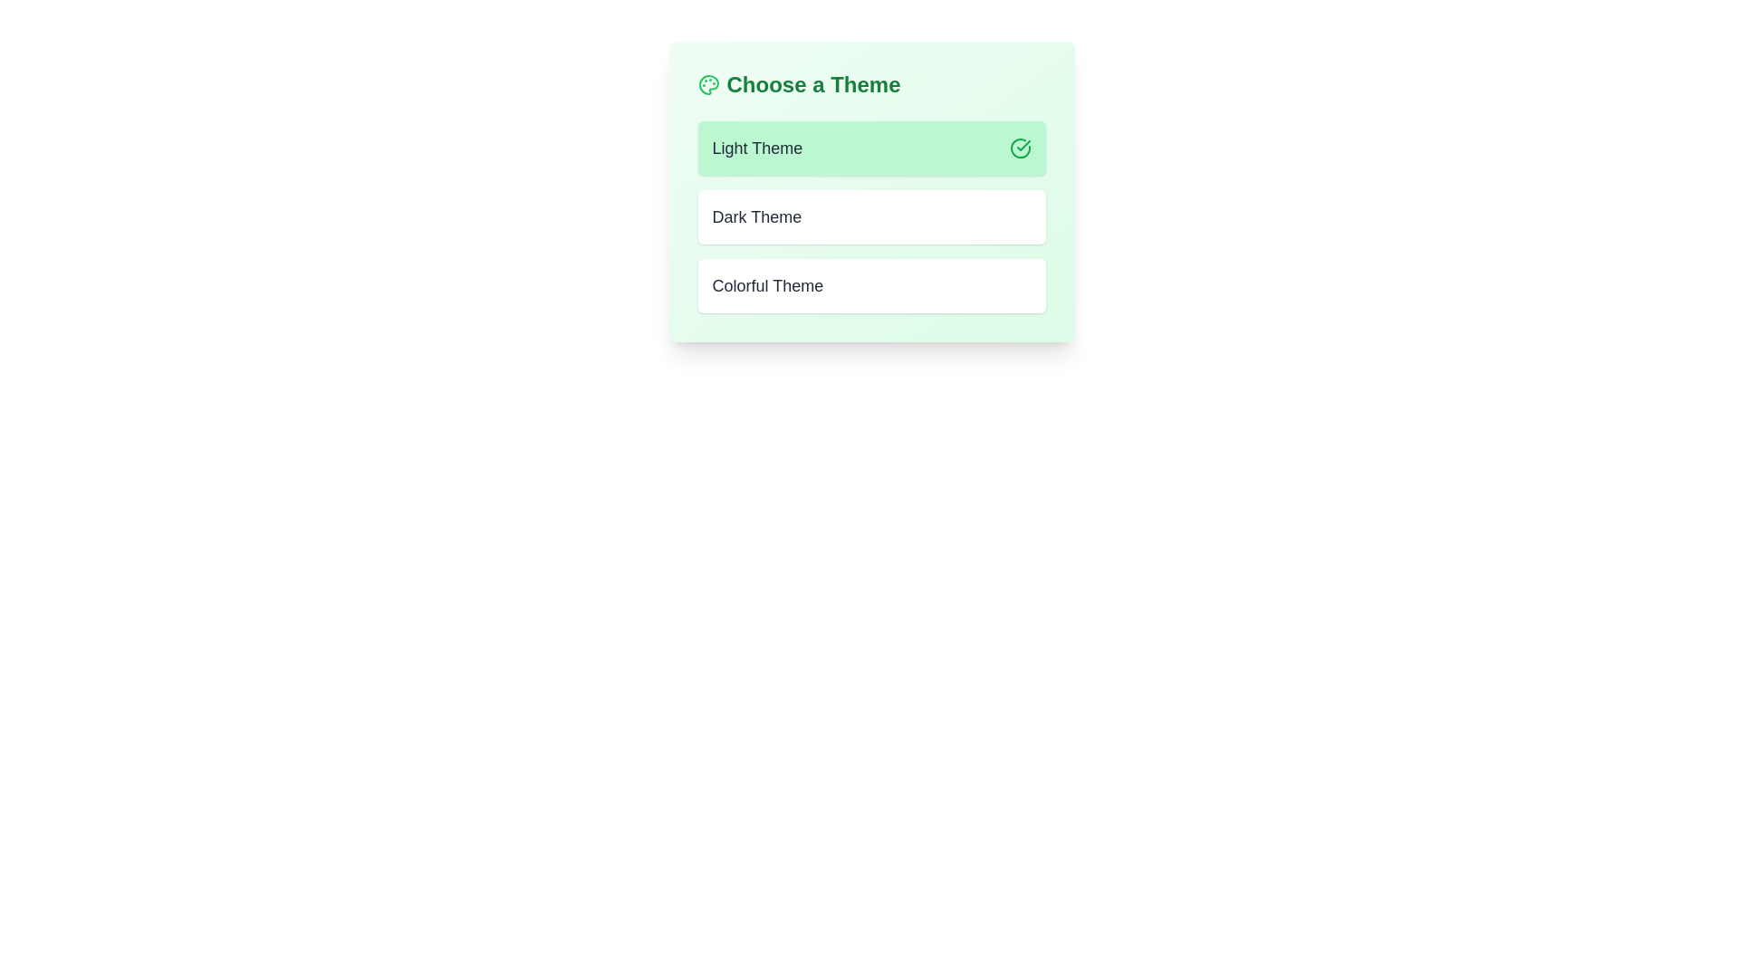  Describe the element at coordinates (871, 192) in the screenshot. I see `the 'Dark Theme' selection option, which is a rectangular box with rounded corners and a white background, located under 'Light Theme' and above 'Colorful Theme'` at that location.